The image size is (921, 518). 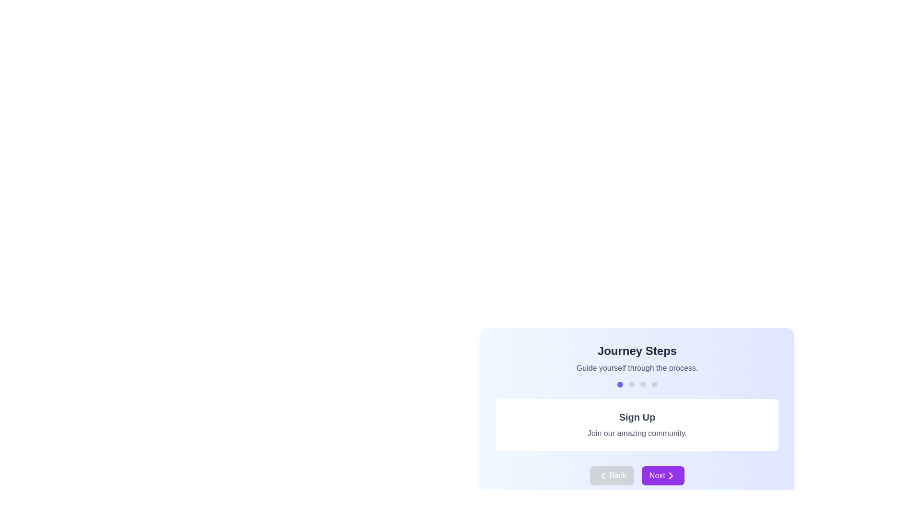 I want to click on the Text block with a call-to-action that says 'Sign Up' in bold and 'Join our amazing community.' in a smaller font, located in the lower central part of the interface, so click(x=637, y=424).